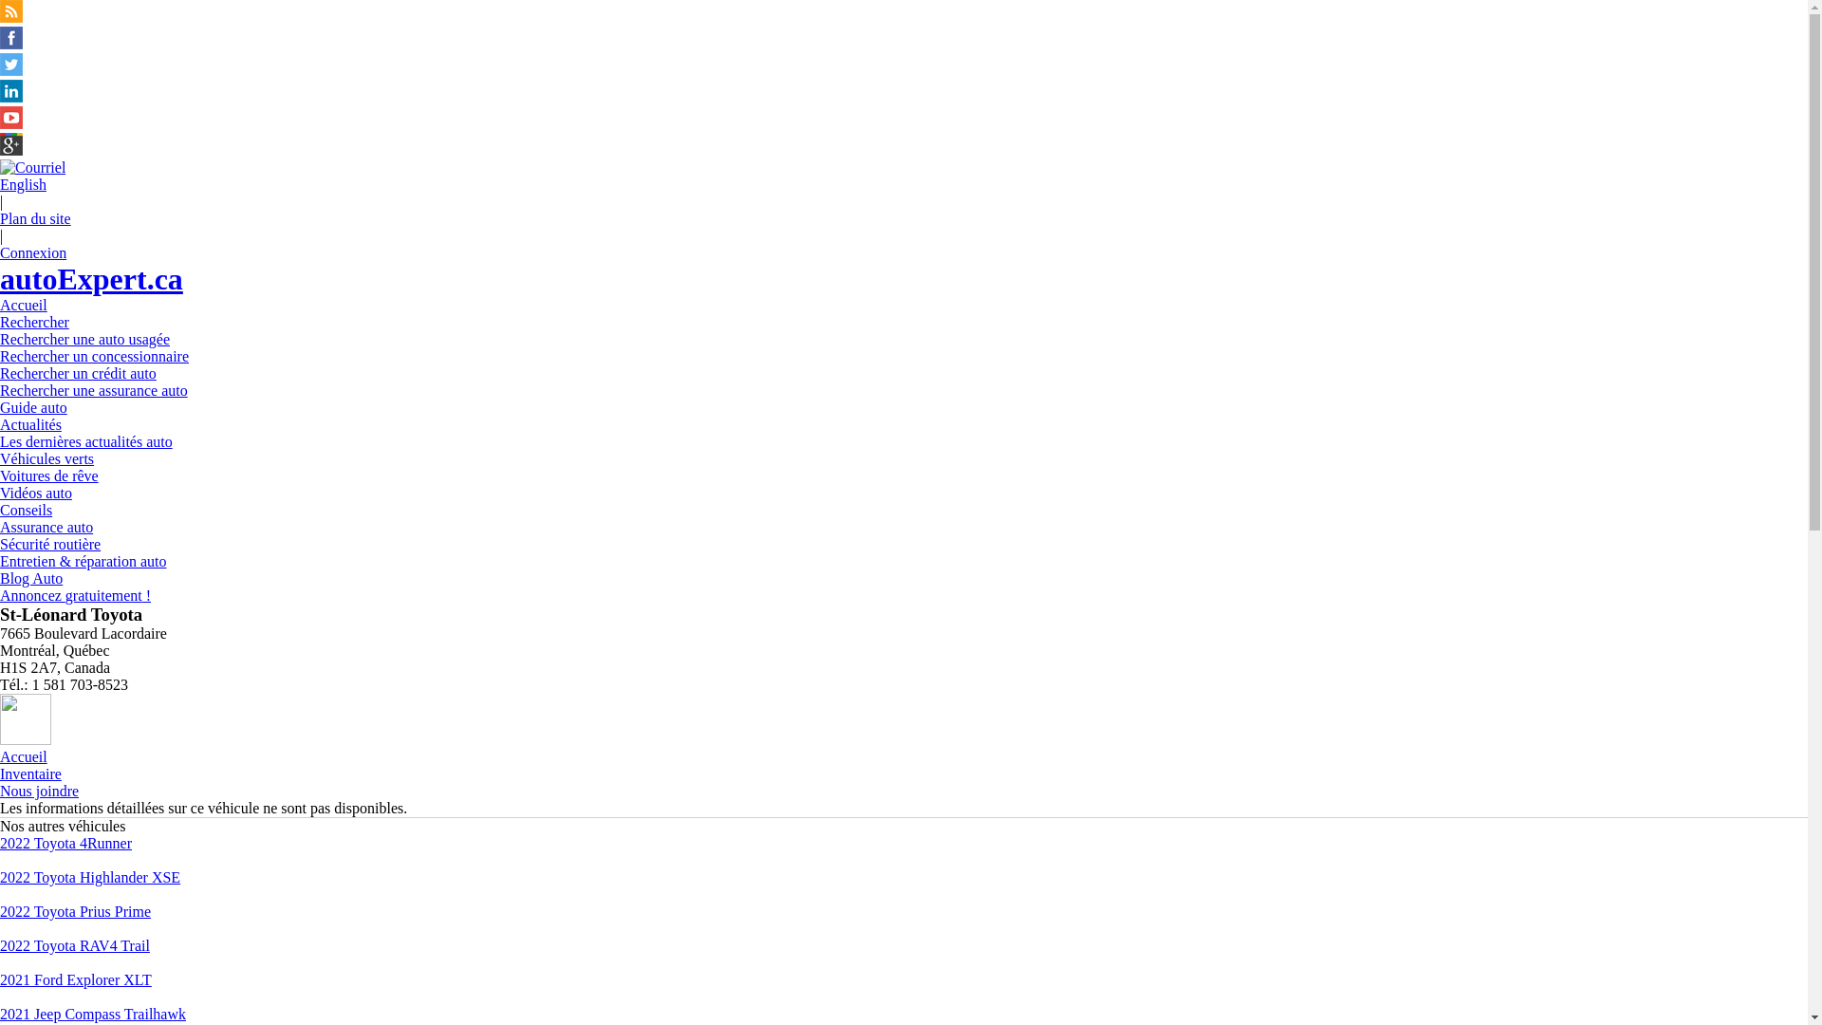 The height and width of the screenshot is (1025, 1822). I want to click on 'Annoncez gratuitement !', so click(75, 594).